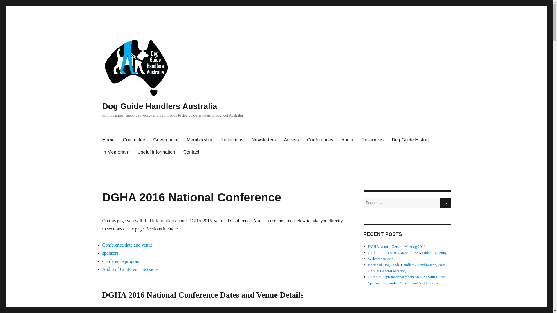 This screenshot has width=557, height=313. Describe the element at coordinates (133, 140) in the screenshot. I see `'Committee'` at that location.